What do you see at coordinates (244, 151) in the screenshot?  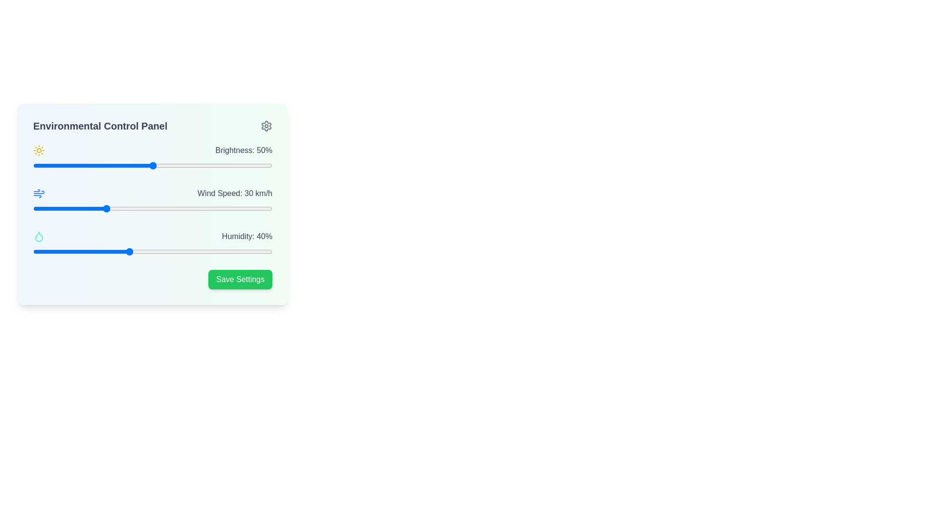 I see `the textual label displaying 'Brightness: 50%' in gray color, which is located in the top-right corner of the environmental control panel interface, adjacent to the Brightness control slider` at bounding box center [244, 151].